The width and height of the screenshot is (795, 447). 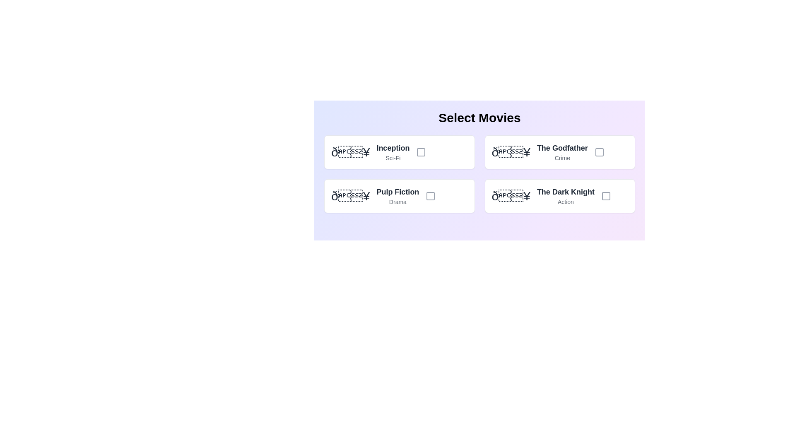 What do you see at coordinates (399, 196) in the screenshot?
I see `the movie card for Pulp Fiction to select or deselect it` at bounding box center [399, 196].